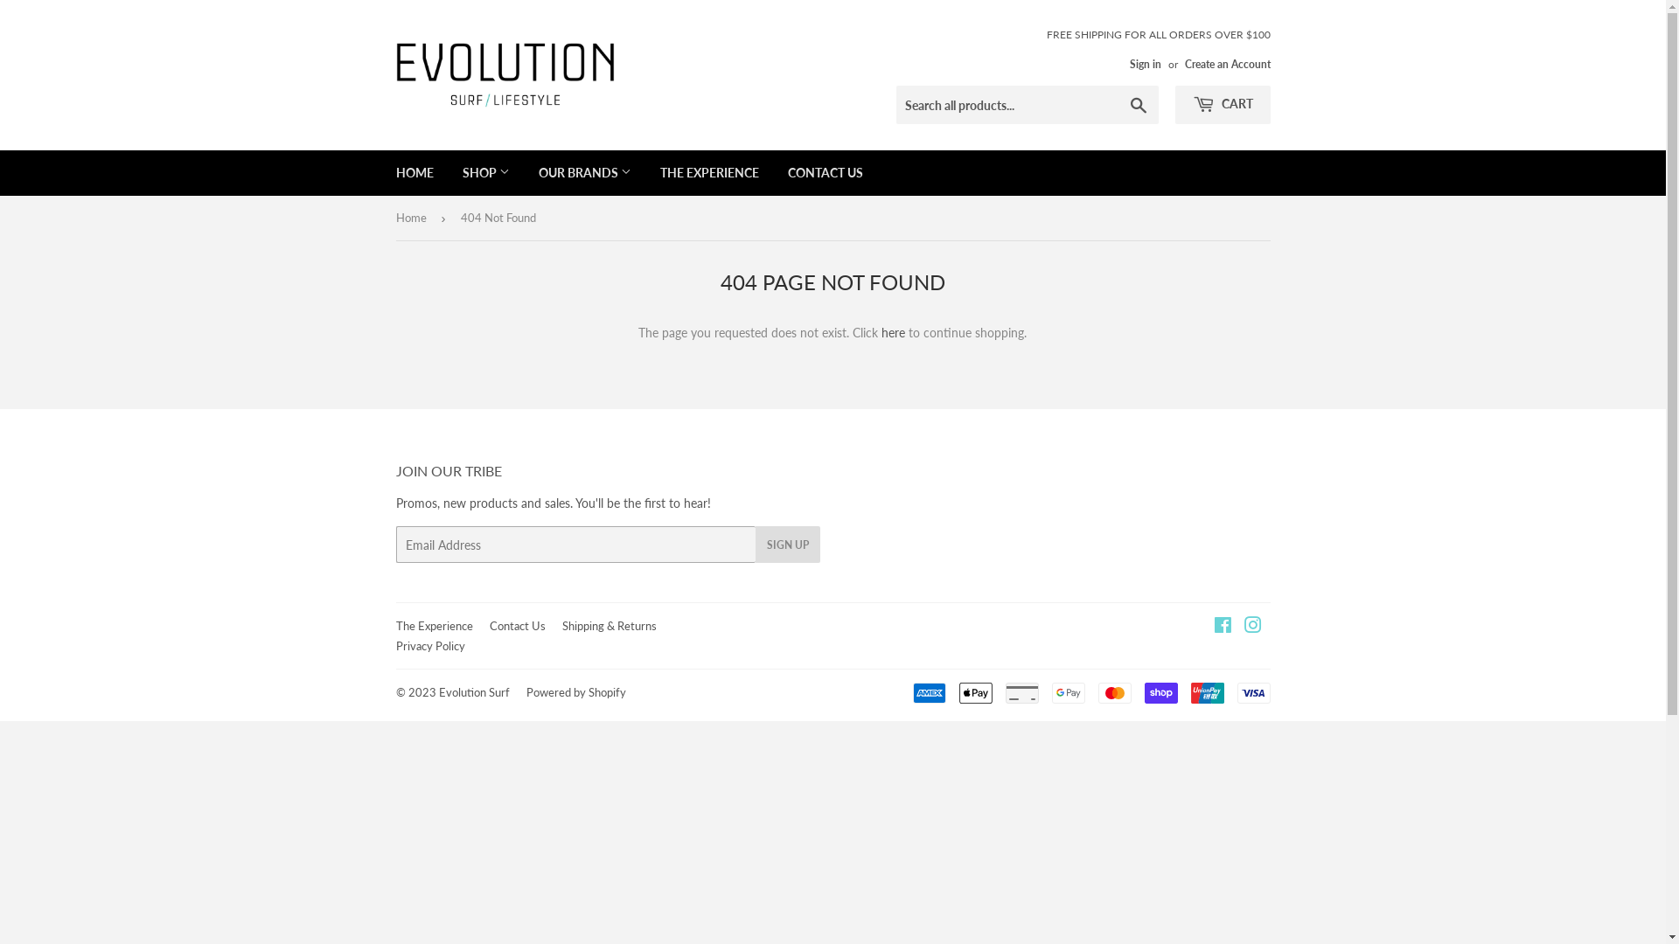 The width and height of the screenshot is (1679, 944). Describe the element at coordinates (645, 172) in the screenshot. I see `'THE EXPERIENCE'` at that location.